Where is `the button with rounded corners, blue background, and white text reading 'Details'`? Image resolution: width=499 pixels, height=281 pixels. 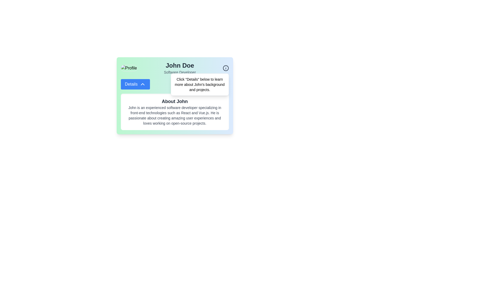 the button with rounded corners, blue background, and white text reading 'Details' is located at coordinates (135, 84).